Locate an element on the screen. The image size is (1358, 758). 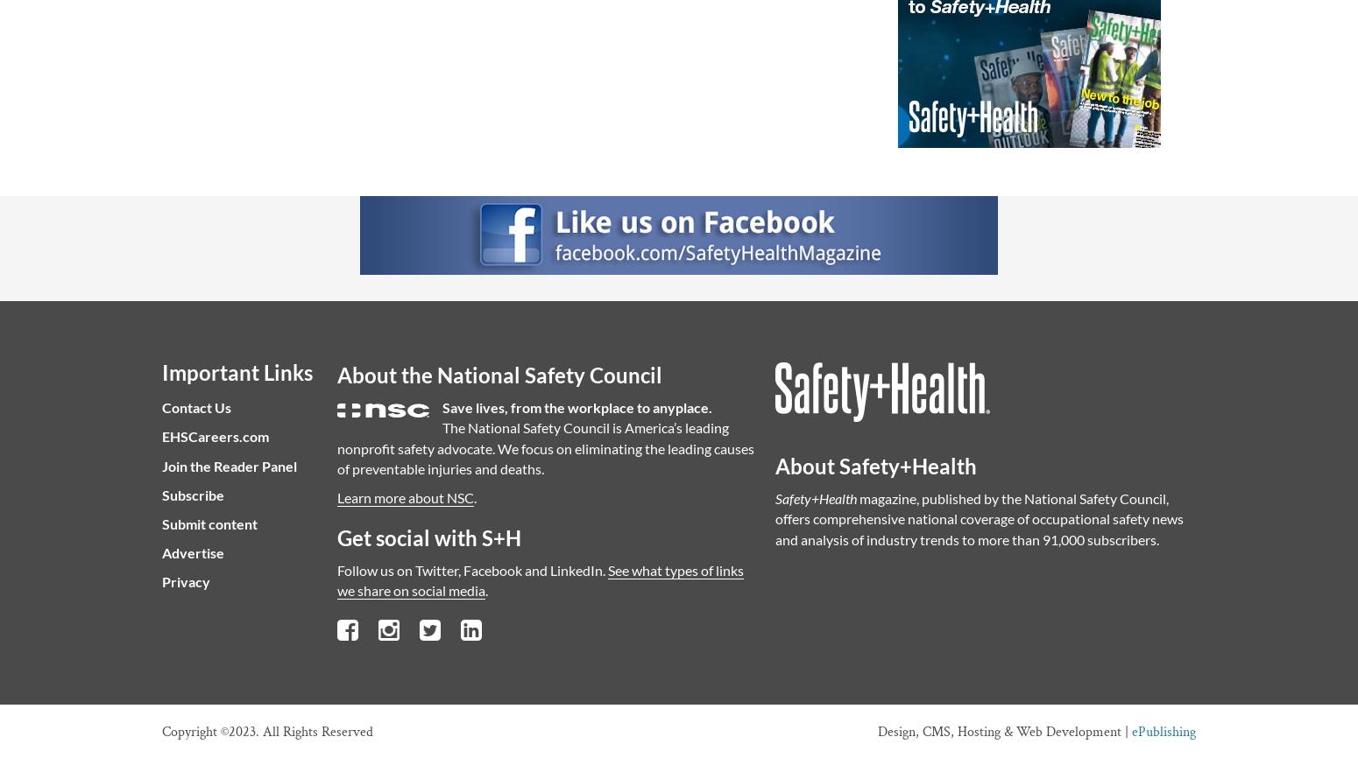
'Learn more about NSC' is located at coordinates (336, 497).